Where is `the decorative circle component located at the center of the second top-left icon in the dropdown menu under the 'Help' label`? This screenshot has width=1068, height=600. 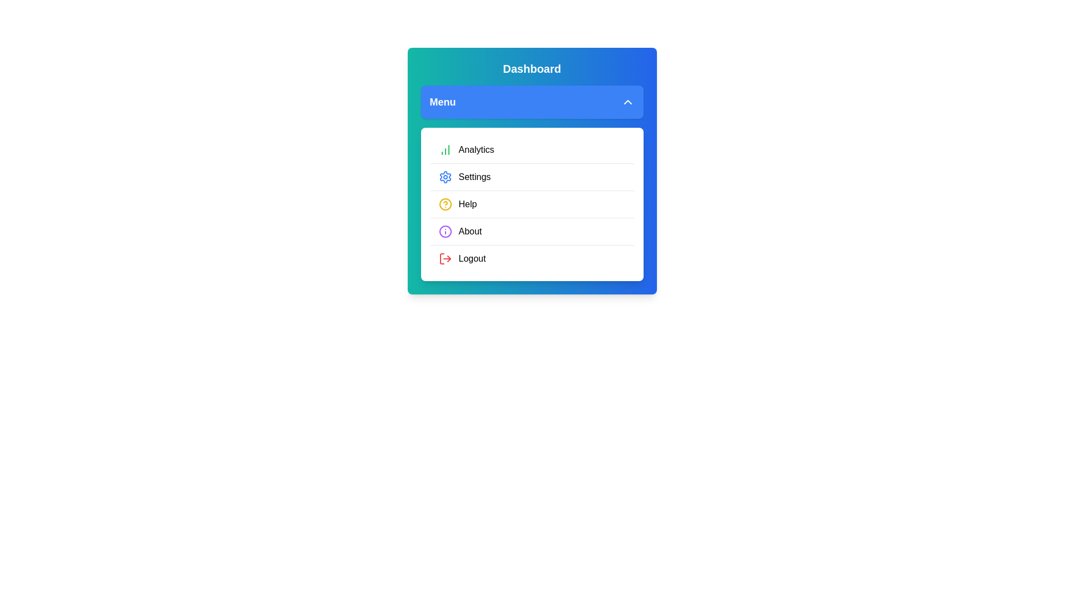
the decorative circle component located at the center of the second top-left icon in the dropdown menu under the 'Help' label is located at coordinates (445, 231).